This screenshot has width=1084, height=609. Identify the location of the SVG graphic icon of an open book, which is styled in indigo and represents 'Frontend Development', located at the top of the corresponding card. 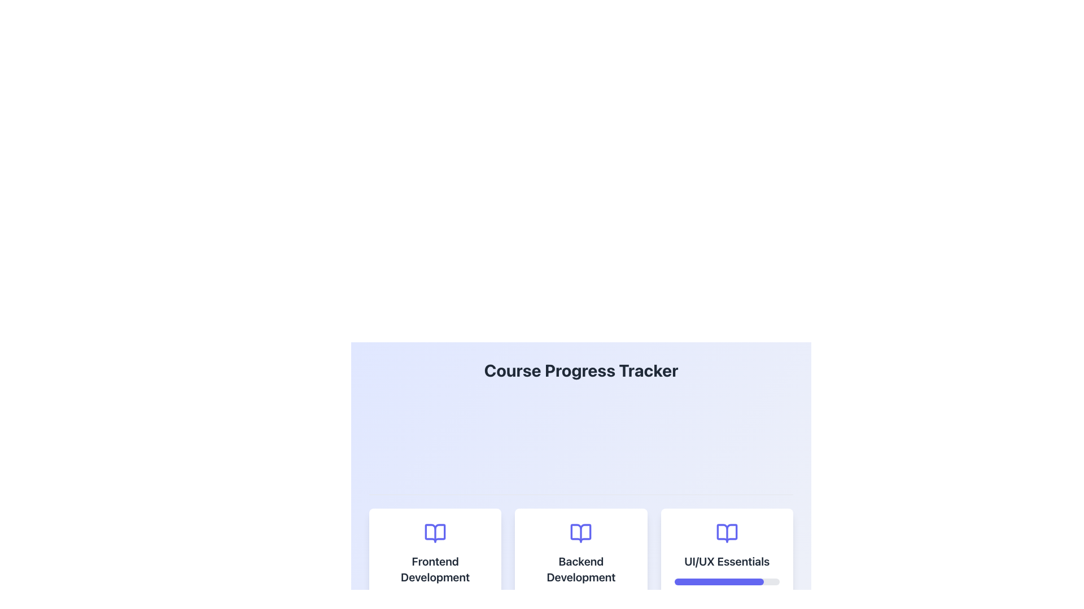
(435, 533).